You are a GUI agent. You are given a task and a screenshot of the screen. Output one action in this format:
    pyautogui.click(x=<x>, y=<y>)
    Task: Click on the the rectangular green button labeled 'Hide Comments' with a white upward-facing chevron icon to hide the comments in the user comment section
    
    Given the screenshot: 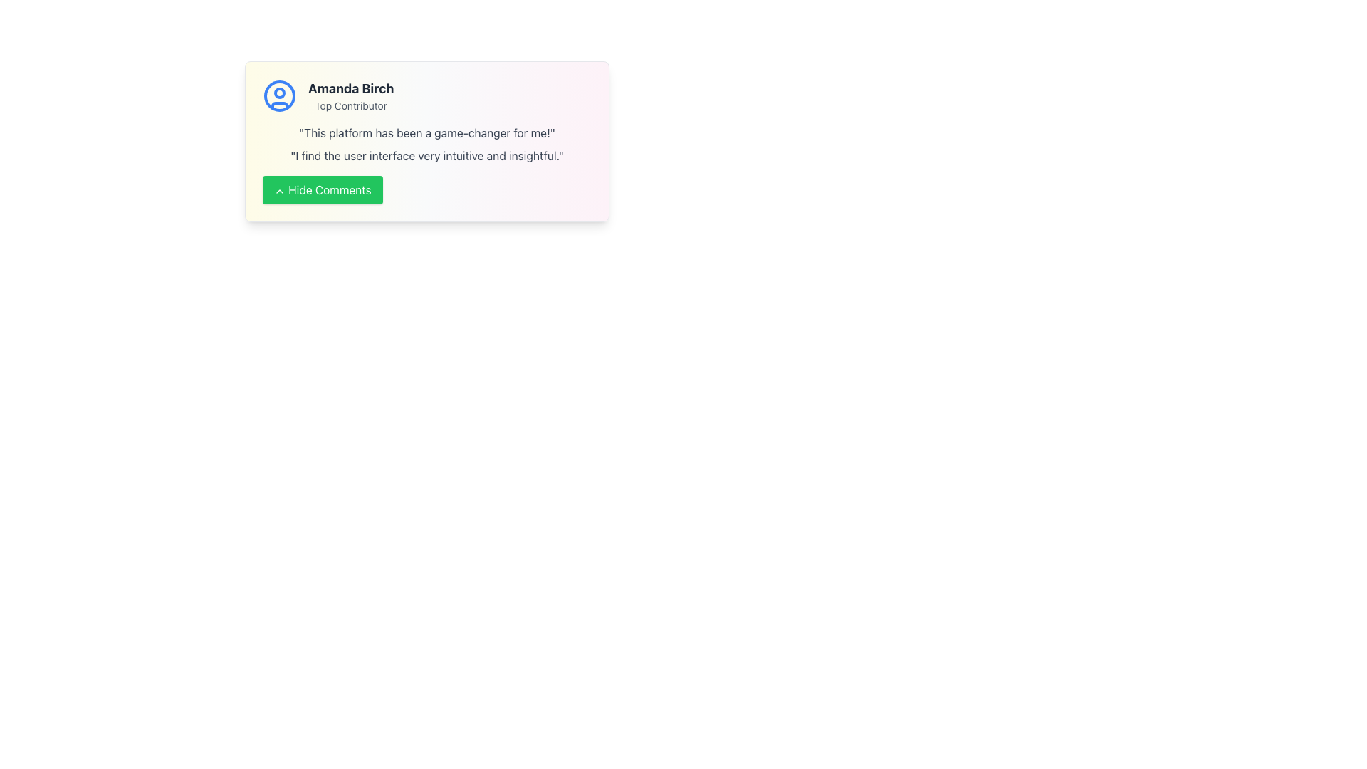 What is the action you would take?
    pyautogui.click(x=322, y=189)
    